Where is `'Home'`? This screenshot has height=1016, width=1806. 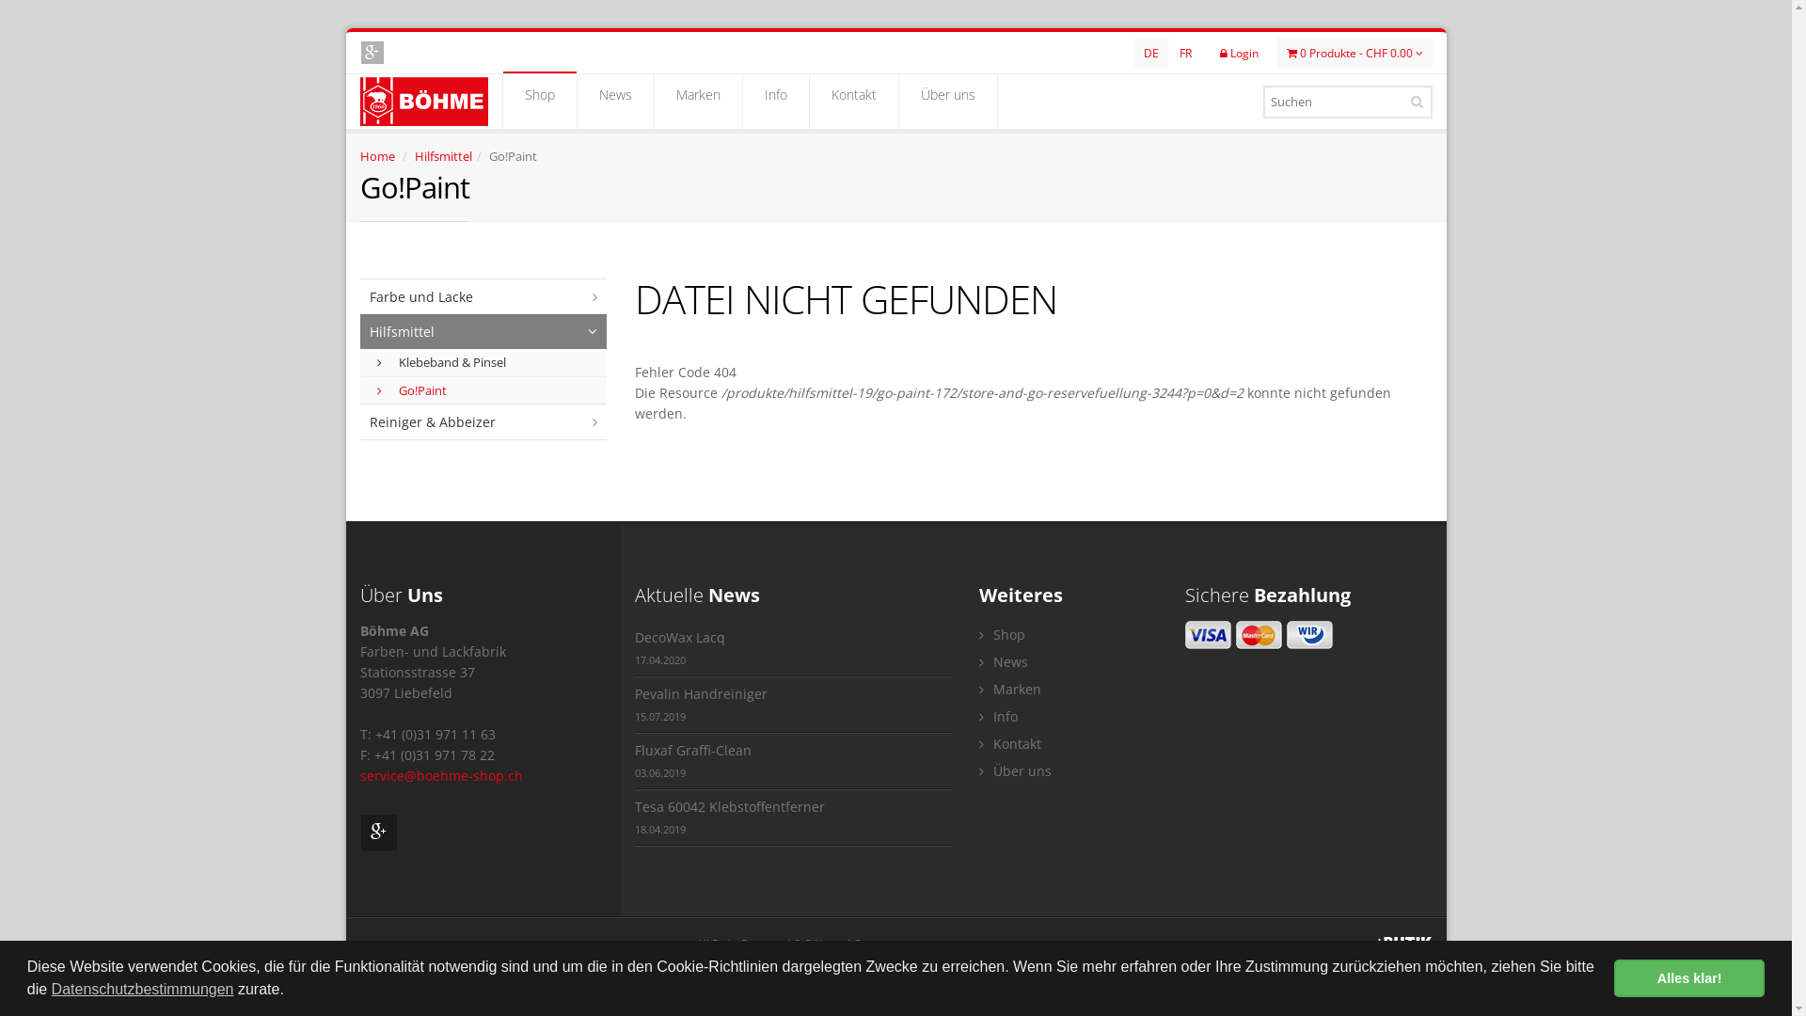
'Home' is located at coordinates (376, 154).